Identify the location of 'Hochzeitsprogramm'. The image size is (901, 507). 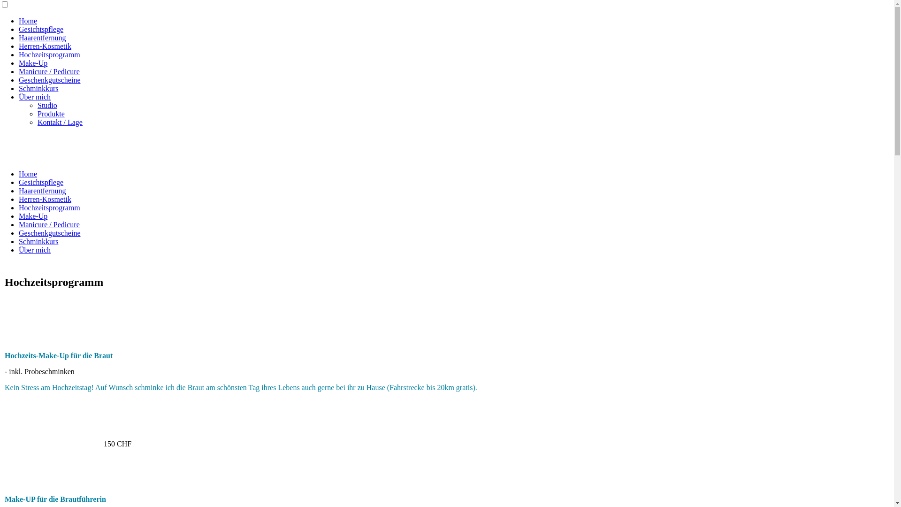
(49, 207).